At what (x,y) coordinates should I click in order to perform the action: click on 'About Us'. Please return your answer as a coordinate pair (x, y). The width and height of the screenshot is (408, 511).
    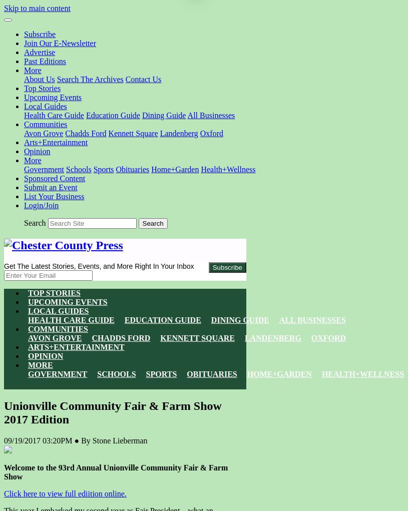
    Looking at the image, I should click on (39, 79).